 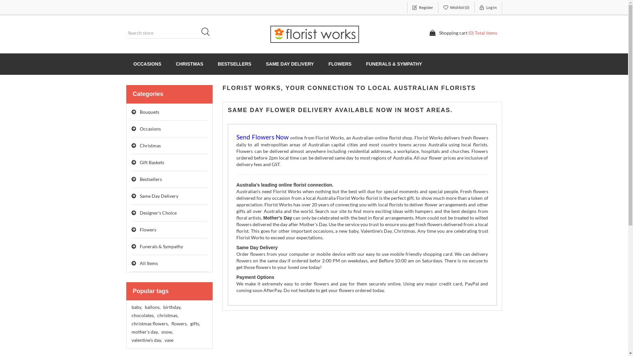 What do you see at coordinates (142, 315) in the screenshot?
I see `'chocolates,'` at bounding box center [142, 315].